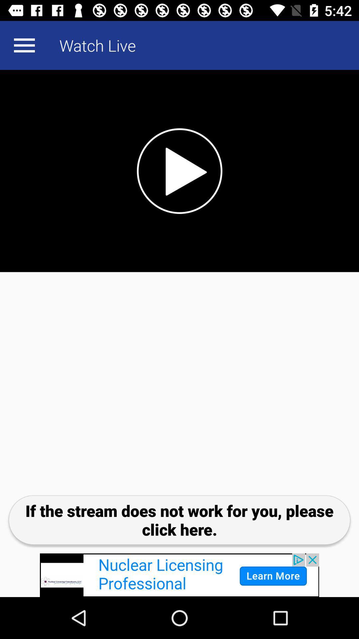 Image resolution: width=359 pixels, height=639 pixels. Describe the element at coordinates (179, 171) in the screenshot. I see `the video` at that location.